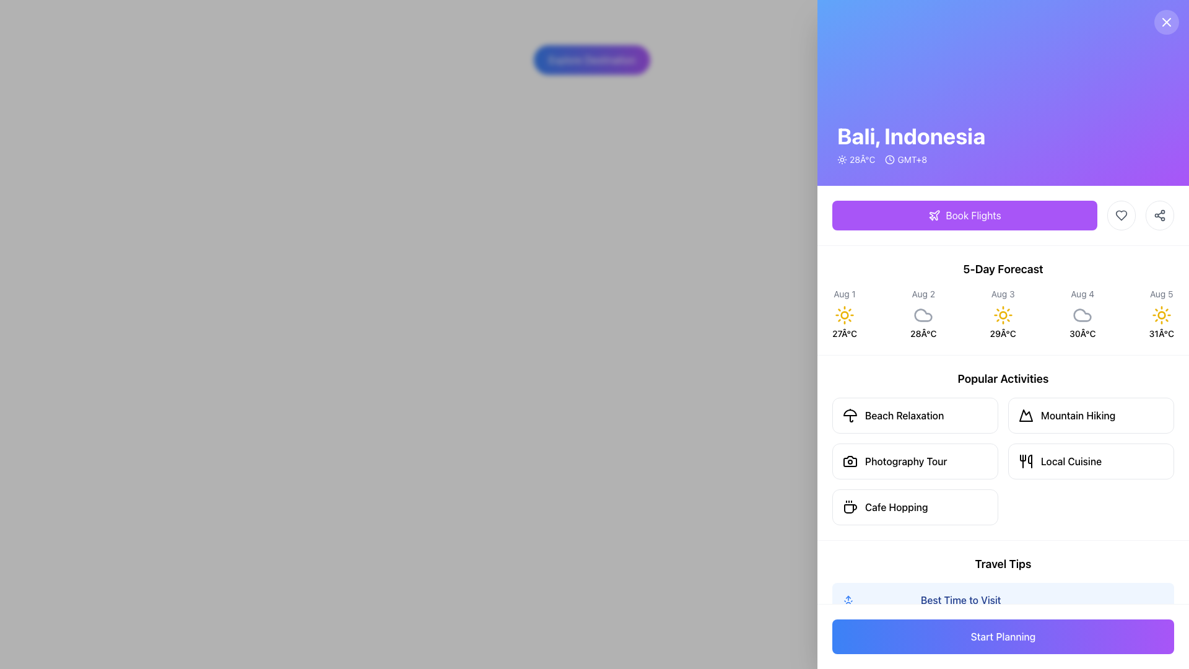  What do you see at coordinates (1159, 214) in the screenshot?
I see `the share icon, which is a minimalist gray icon with interconnected circles in a triangular arrangement` at bounding box center [1159, 214].